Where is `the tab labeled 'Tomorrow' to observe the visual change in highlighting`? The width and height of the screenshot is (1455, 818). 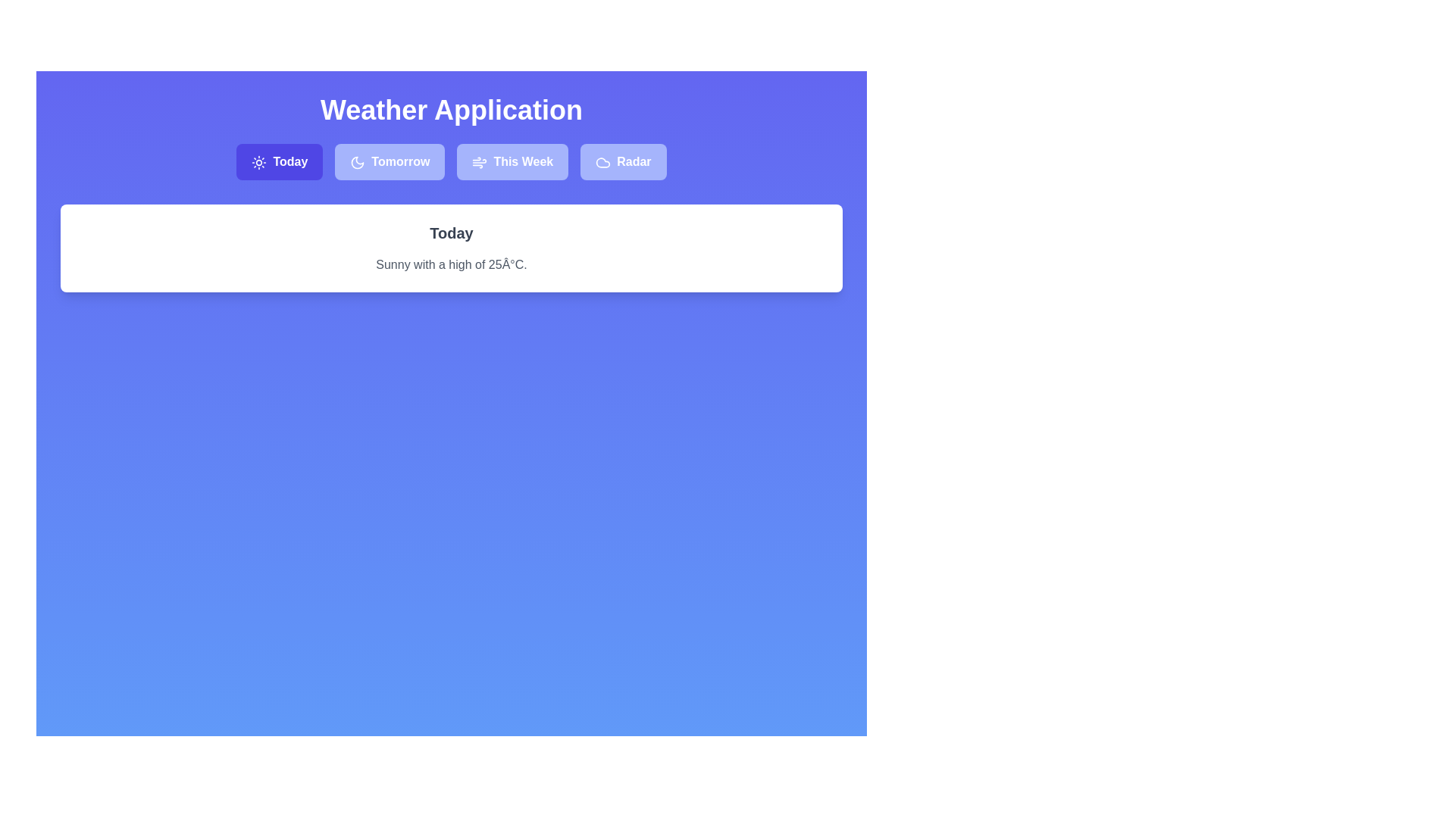 the tab labeled 'Tomorrow' to observe the visual change in highlighting is located at coordinates (389, 161).